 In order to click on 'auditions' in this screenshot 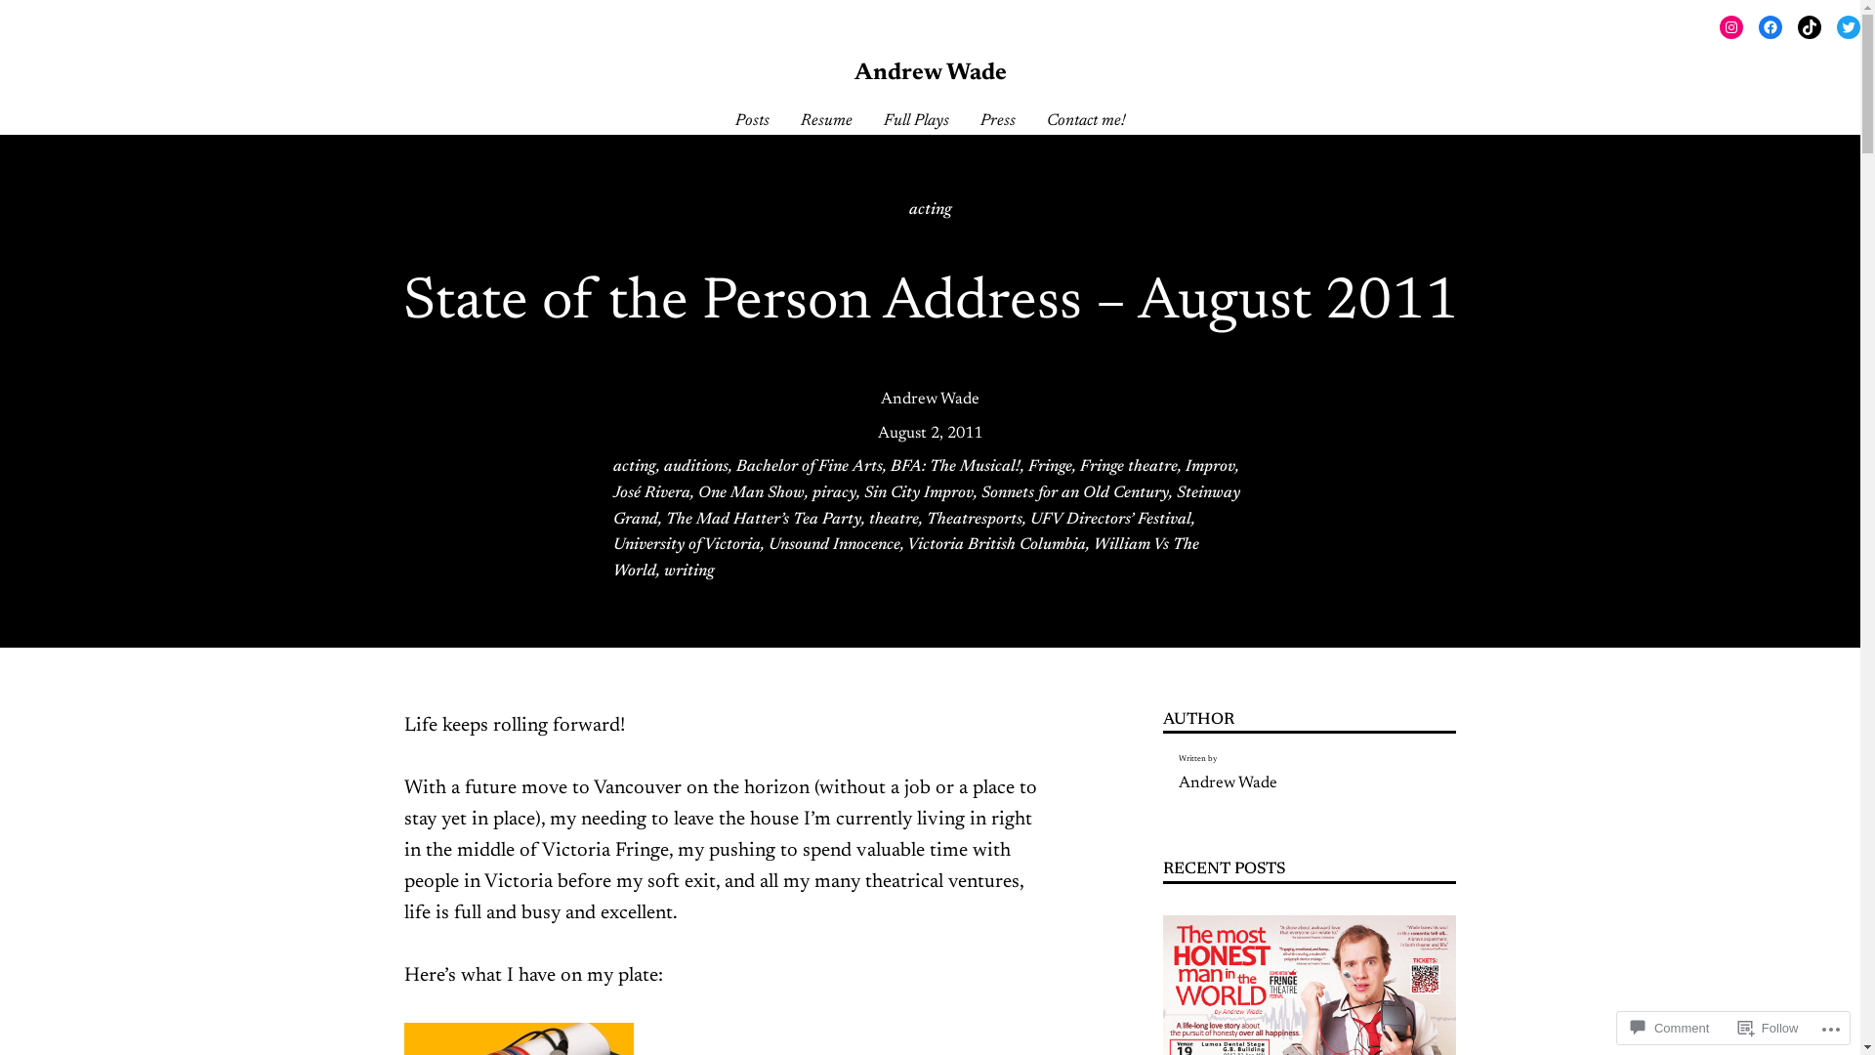, I will do `click(664, 467)`.